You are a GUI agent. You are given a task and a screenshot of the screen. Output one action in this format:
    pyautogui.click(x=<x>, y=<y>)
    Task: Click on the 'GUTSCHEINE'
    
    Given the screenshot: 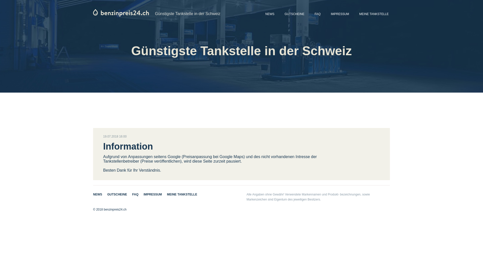 What is the action you would take?
    pyautogui.click(x=117, y=194)
    